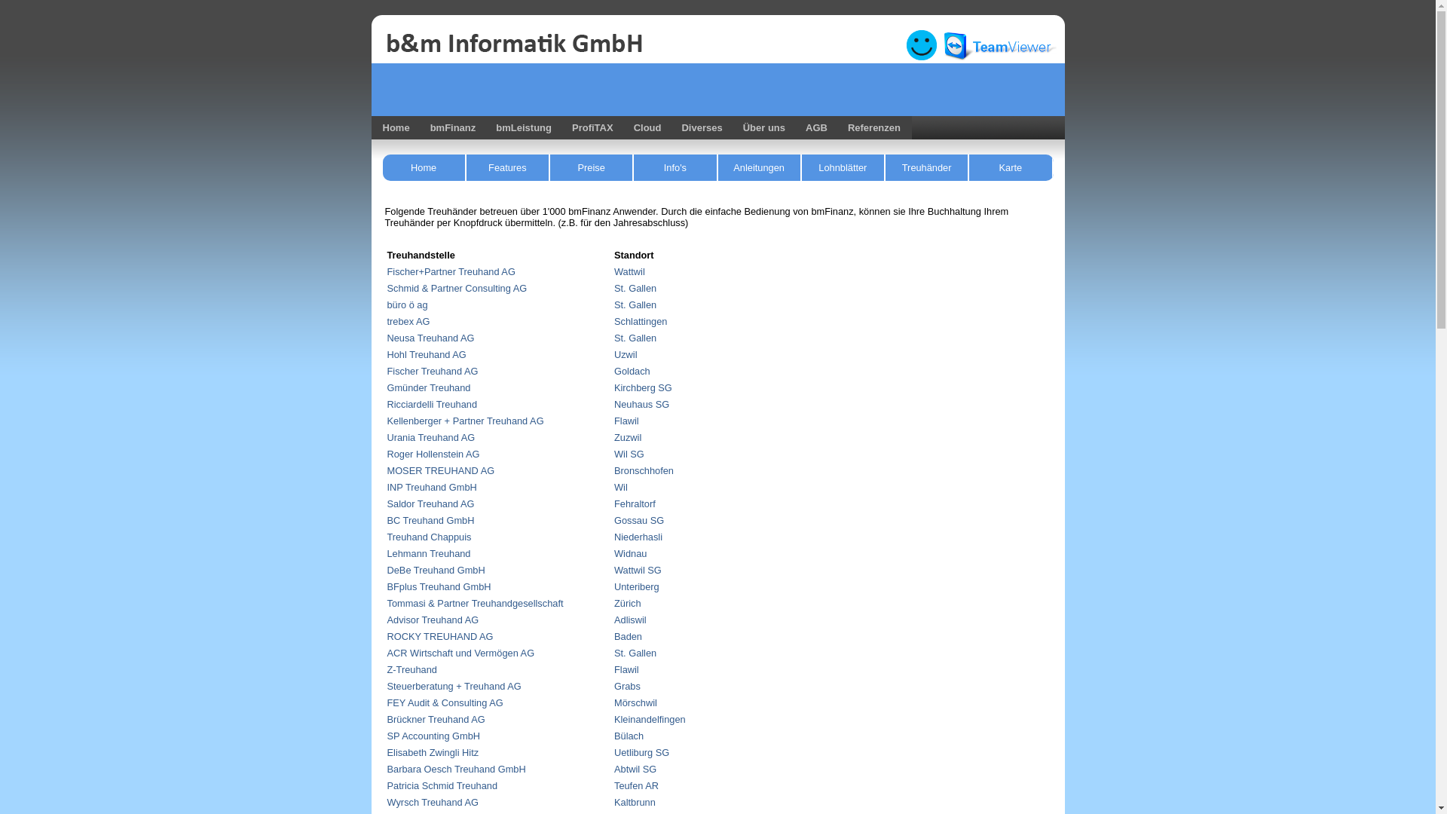 This screenshot has height=814, width=1447. What do you see at coordinates (433, 752) in the screenshot?
I see `'Elisabeth Zwingli Hitz'` at bounding box center [433, 752].